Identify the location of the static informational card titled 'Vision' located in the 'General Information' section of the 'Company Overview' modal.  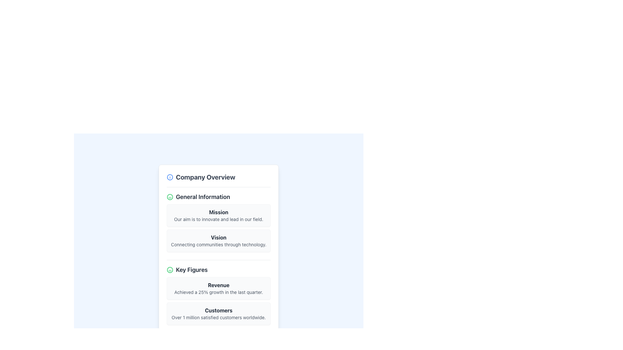
(218, 248).